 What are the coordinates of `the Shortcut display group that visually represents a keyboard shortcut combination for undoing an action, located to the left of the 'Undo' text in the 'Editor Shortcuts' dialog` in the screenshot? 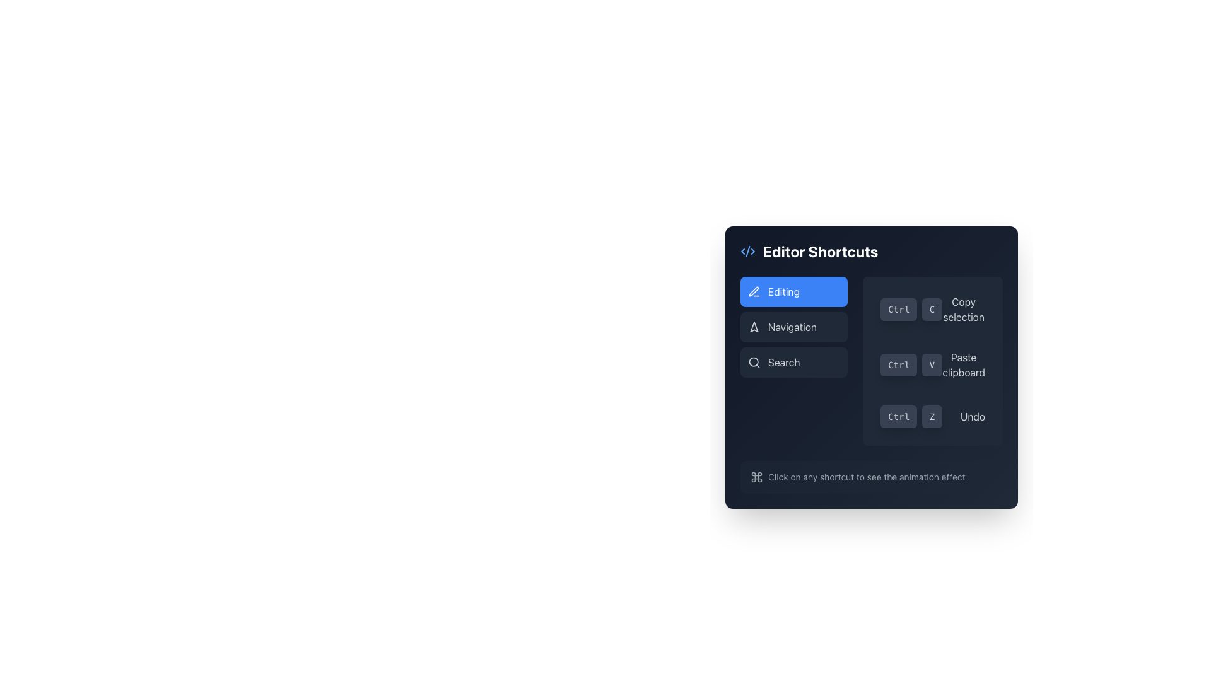 It's located at (911, 416).